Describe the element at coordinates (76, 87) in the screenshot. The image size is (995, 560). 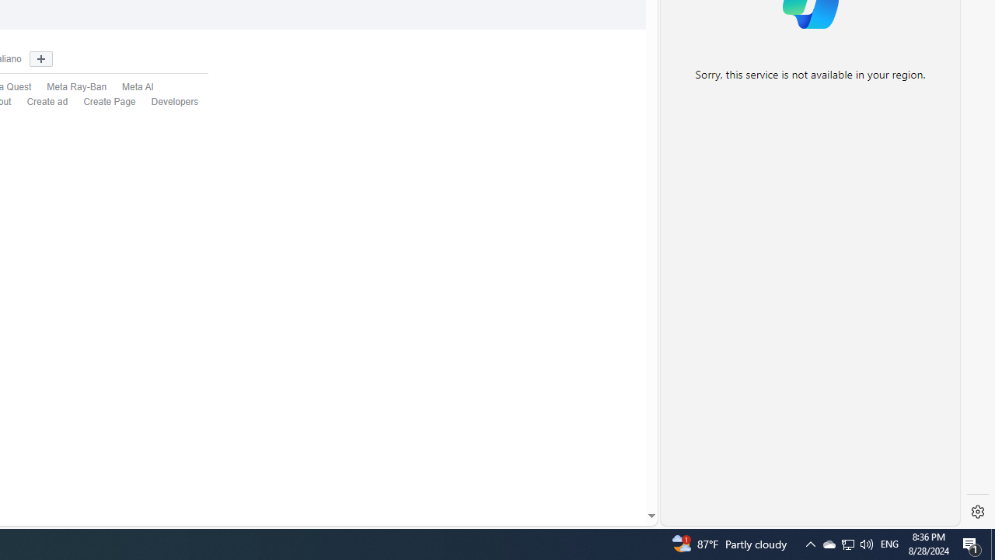
I see `'Meta Ray-Ban'` at that location.